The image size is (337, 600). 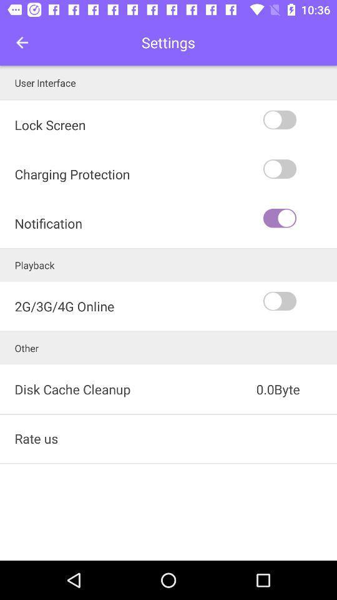 What do you see at coordinates (298, 301) in the screenshot?
I see `item to the right of the 2g 3g 4g` at bounding box center [298, 301].